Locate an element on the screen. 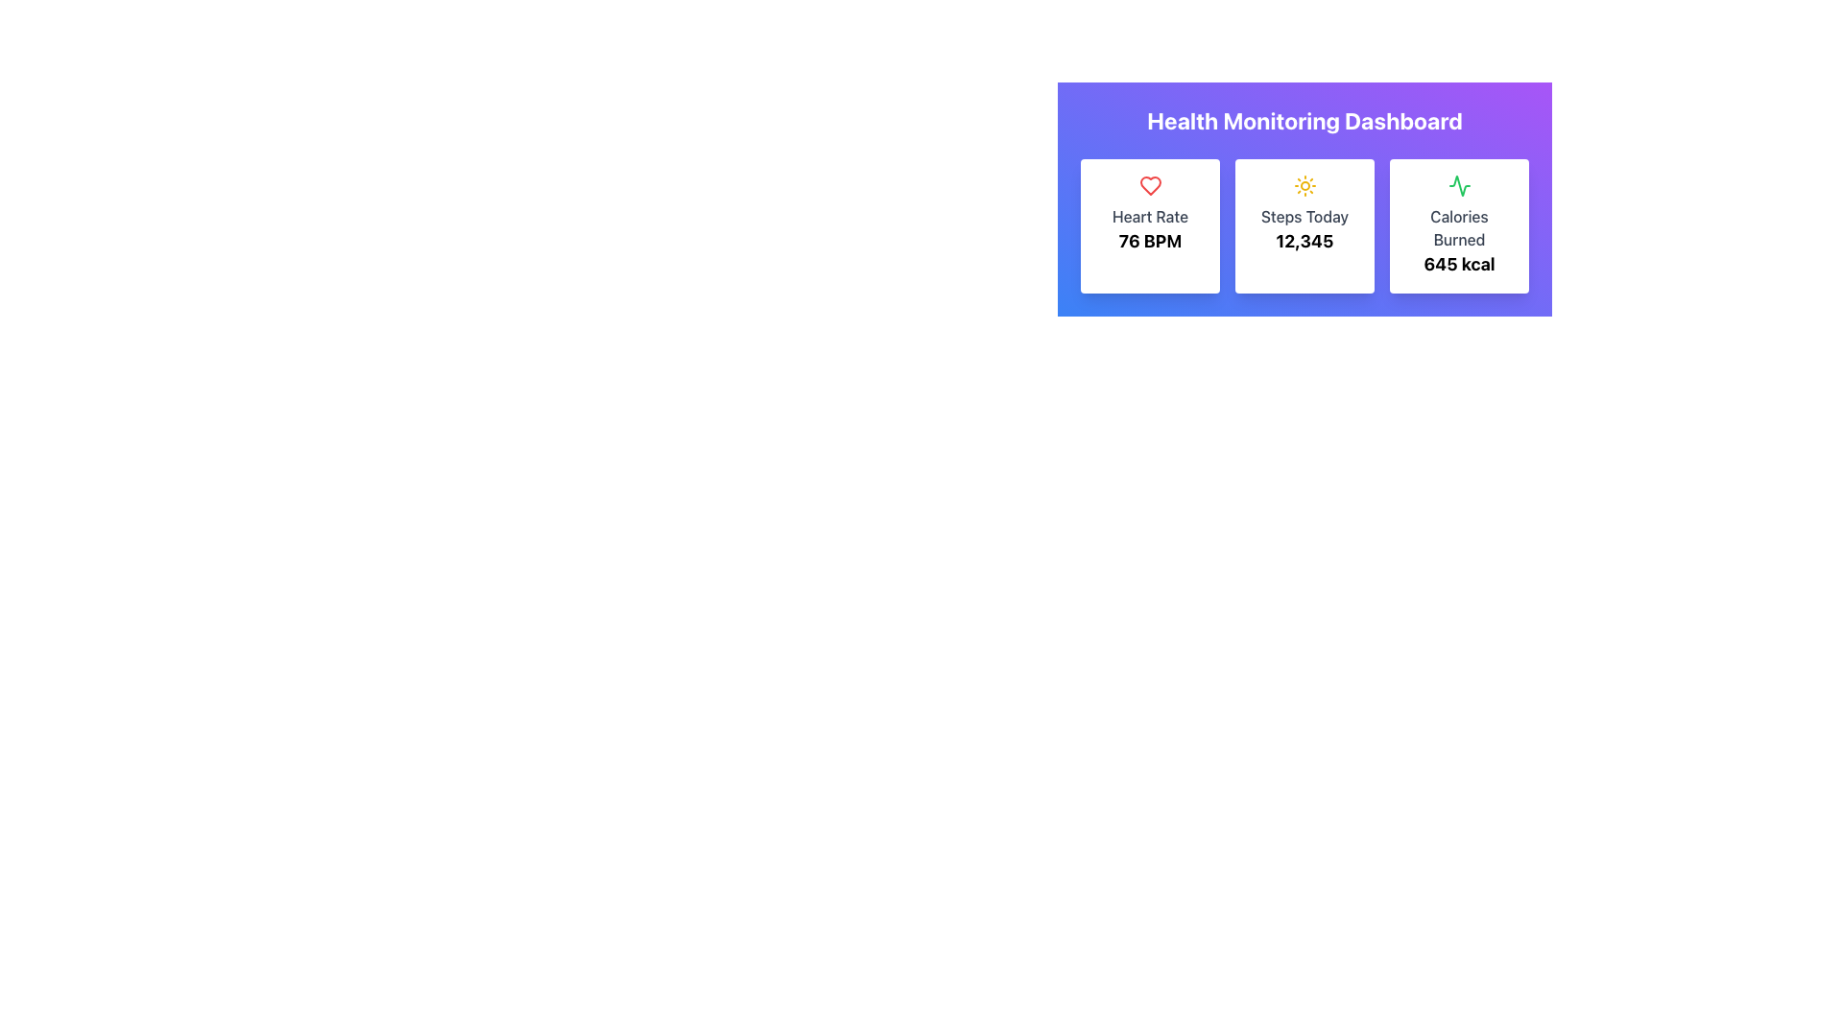  the Label text that indicates the number of steps taken today, located in the middle card of the Health Monitoring Dashboard, positioned above the numerical value '12,345' is located at coordinates (1304, 216).